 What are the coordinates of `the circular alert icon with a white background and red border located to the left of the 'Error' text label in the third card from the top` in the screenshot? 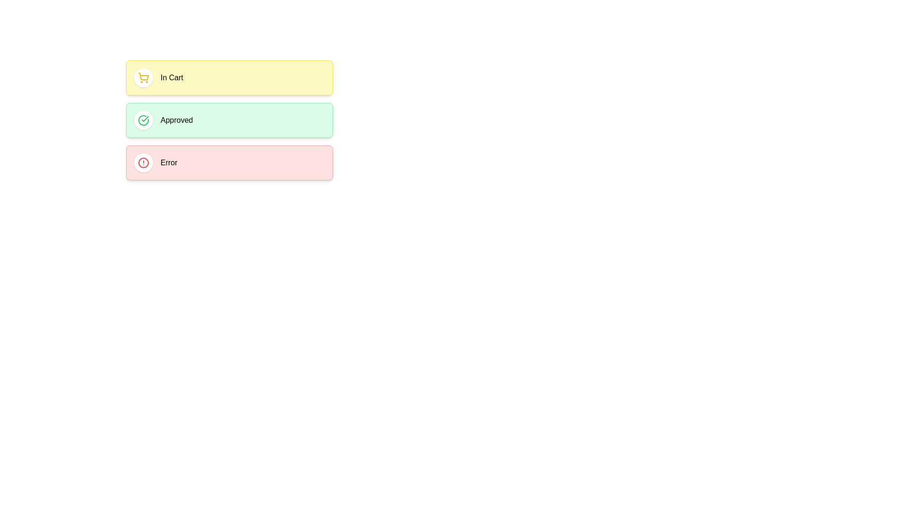 It's located at (143, 162).